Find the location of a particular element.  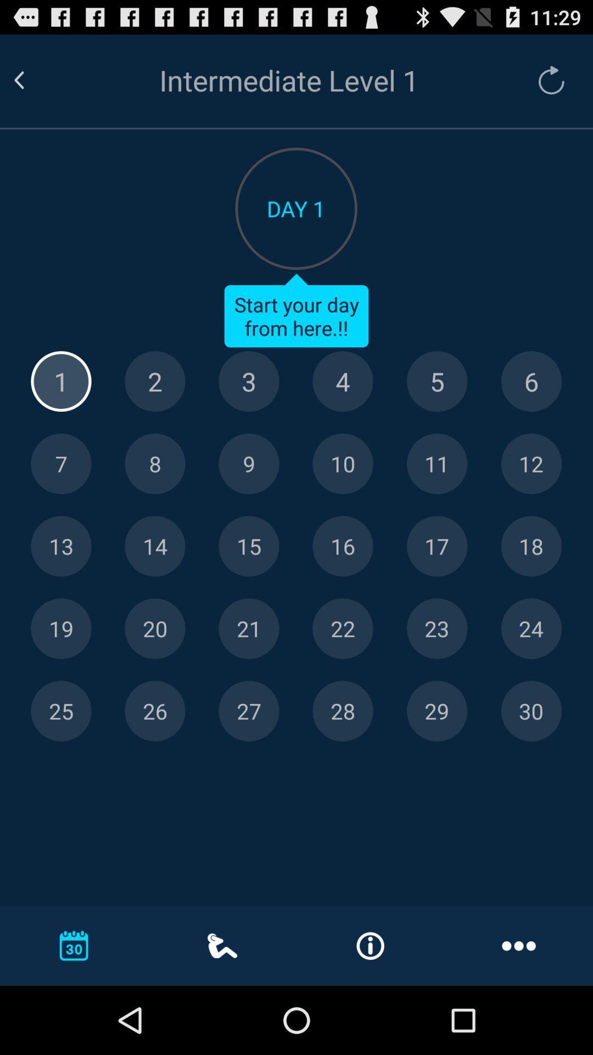

return to the previous page is located at coordinates (32, 80).